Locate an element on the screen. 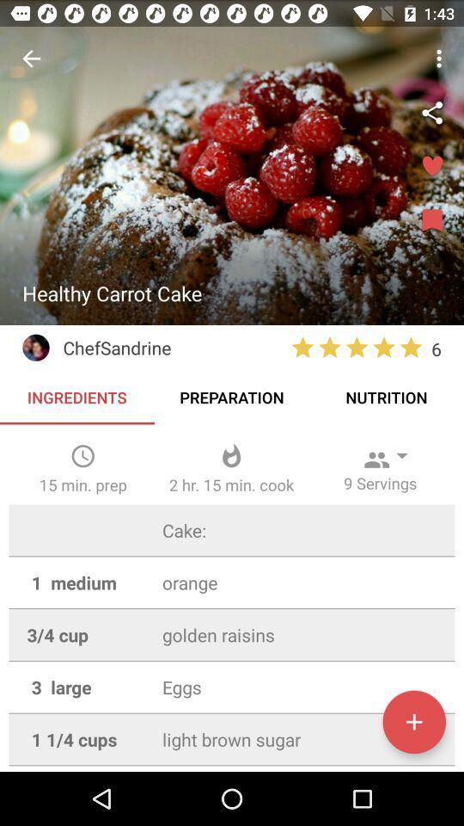  setting is located at coordinates (431, 112).